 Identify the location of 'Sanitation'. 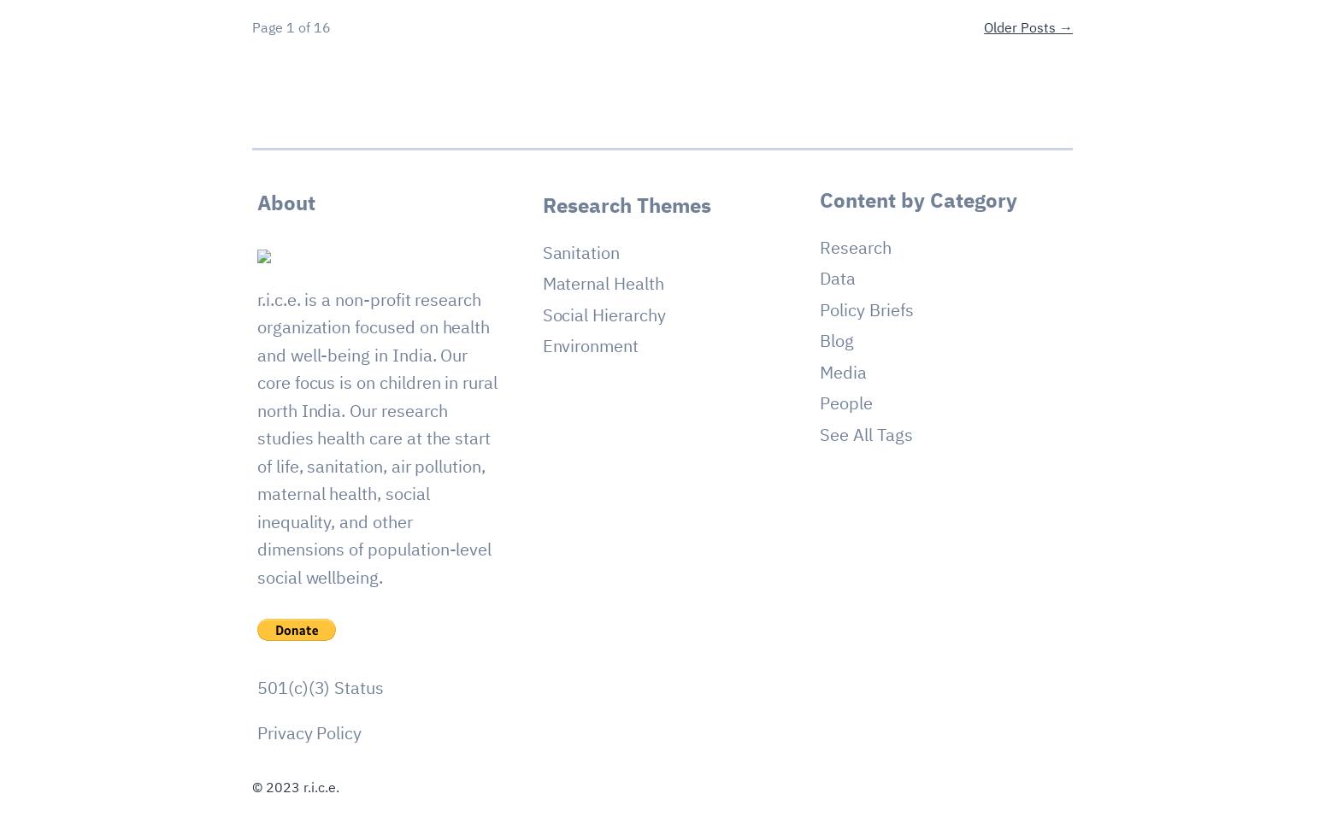
(540, 250).